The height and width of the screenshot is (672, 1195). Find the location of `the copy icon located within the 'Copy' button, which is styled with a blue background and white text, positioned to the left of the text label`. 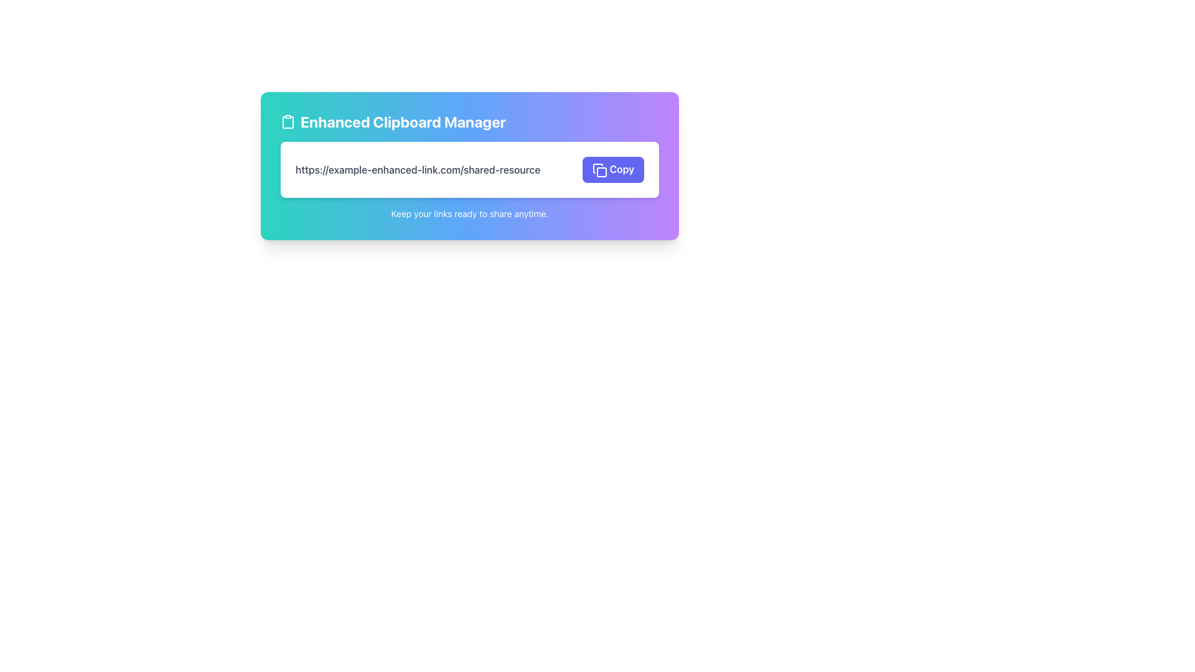

the copy icon located within the 'Copy' button, which is styled with a blue background and white text, positioned to the left of the text label is located at coordinates (599, 170).